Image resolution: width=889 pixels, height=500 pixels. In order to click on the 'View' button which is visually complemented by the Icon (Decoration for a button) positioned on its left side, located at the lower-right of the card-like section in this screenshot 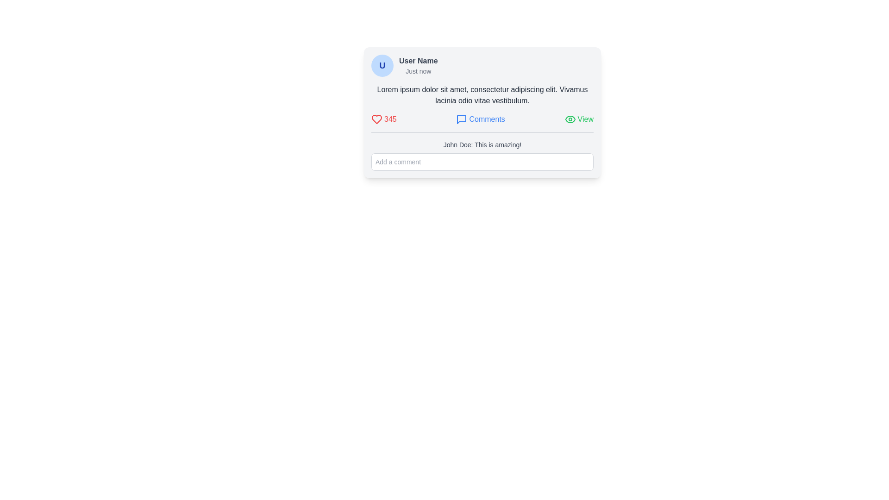, I will do `click(570, 119)`.